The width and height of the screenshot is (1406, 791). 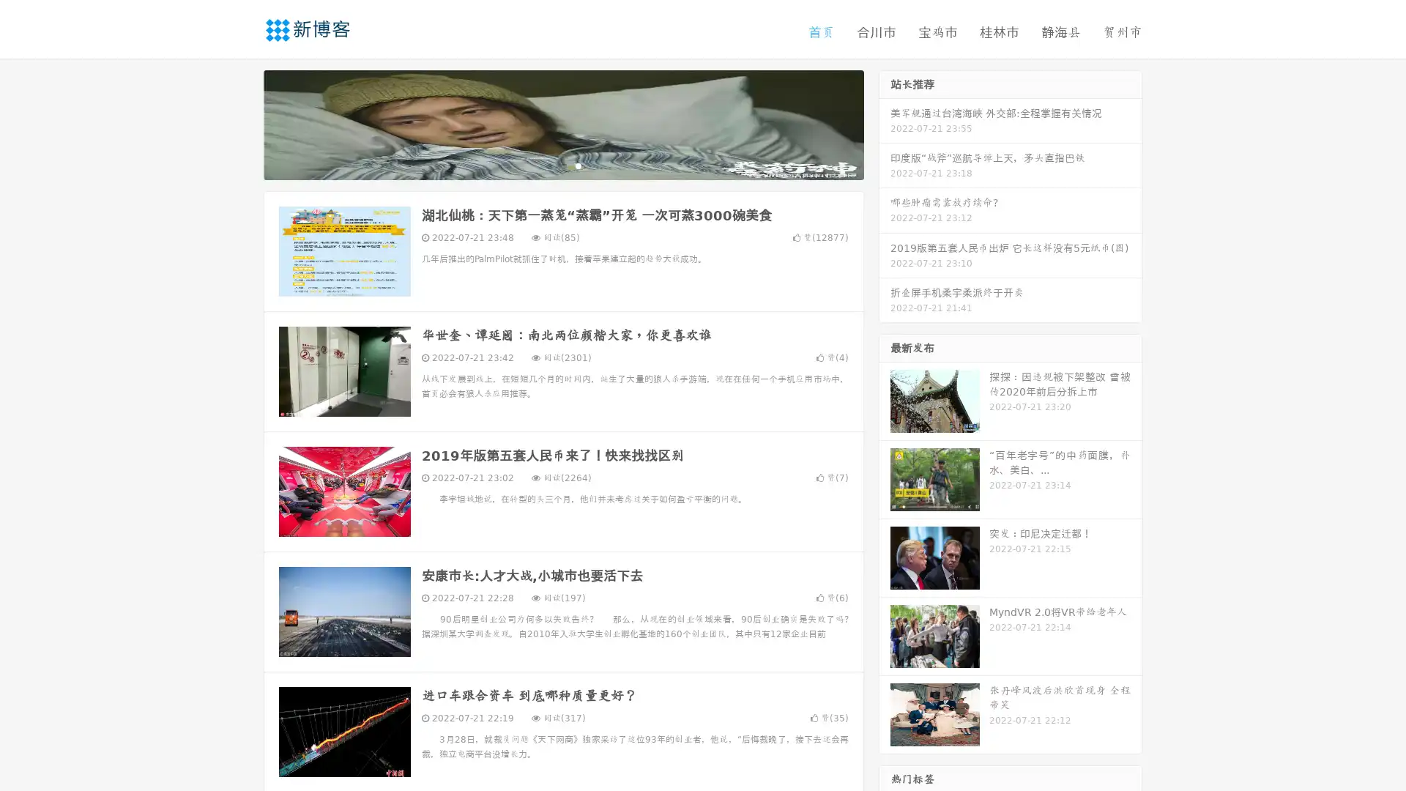 What do you see at coordinates (242, 123) in the screenshot?
I see `Previous slide` at bounding box center [242, 123].